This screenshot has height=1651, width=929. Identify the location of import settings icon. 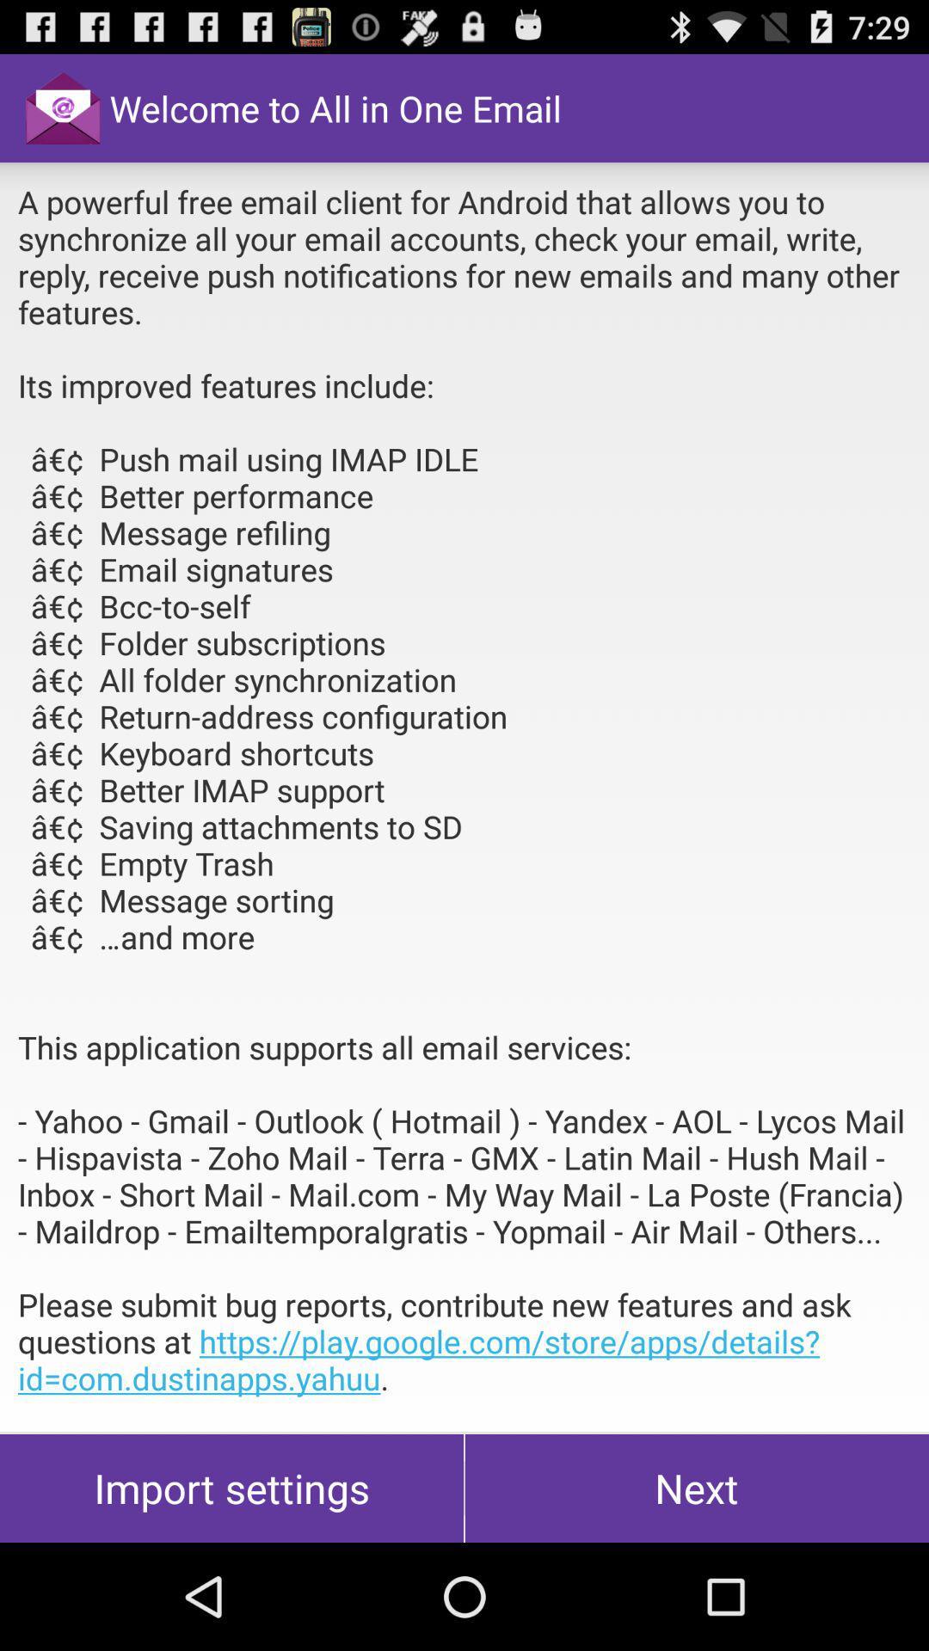
(231, 1488).